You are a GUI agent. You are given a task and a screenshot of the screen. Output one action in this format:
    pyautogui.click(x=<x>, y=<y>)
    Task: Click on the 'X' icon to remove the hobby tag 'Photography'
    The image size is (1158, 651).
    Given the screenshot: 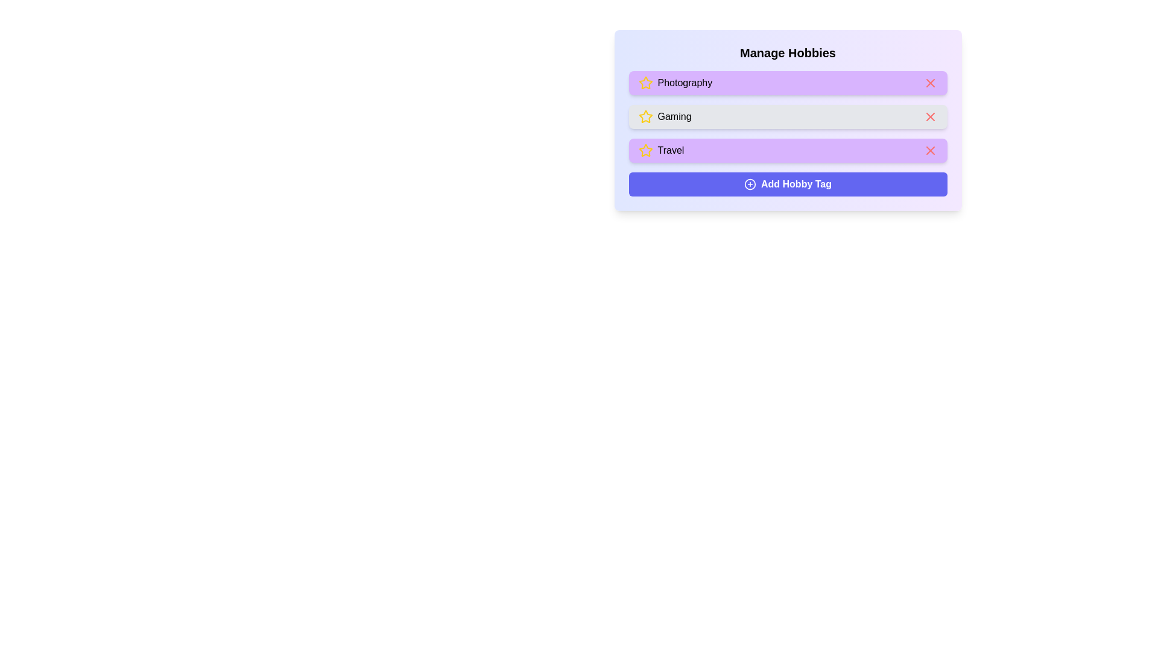 What is the action you would take?
    pyautogui.click(x=929, y=83)
    